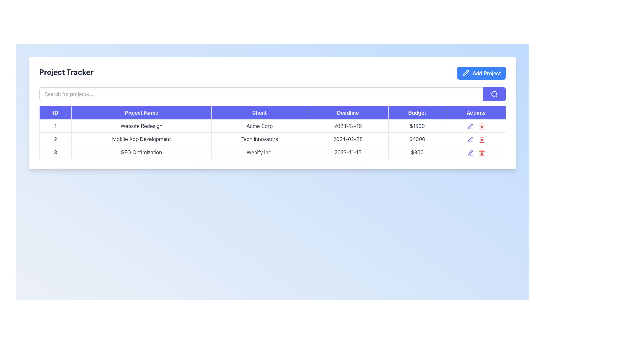 This screenshot has width=617, height=347. I want to click on the third row of the project tracker table representing 'SEO Optimization' assigned to 'Webify Inc.', so click(273, 152).